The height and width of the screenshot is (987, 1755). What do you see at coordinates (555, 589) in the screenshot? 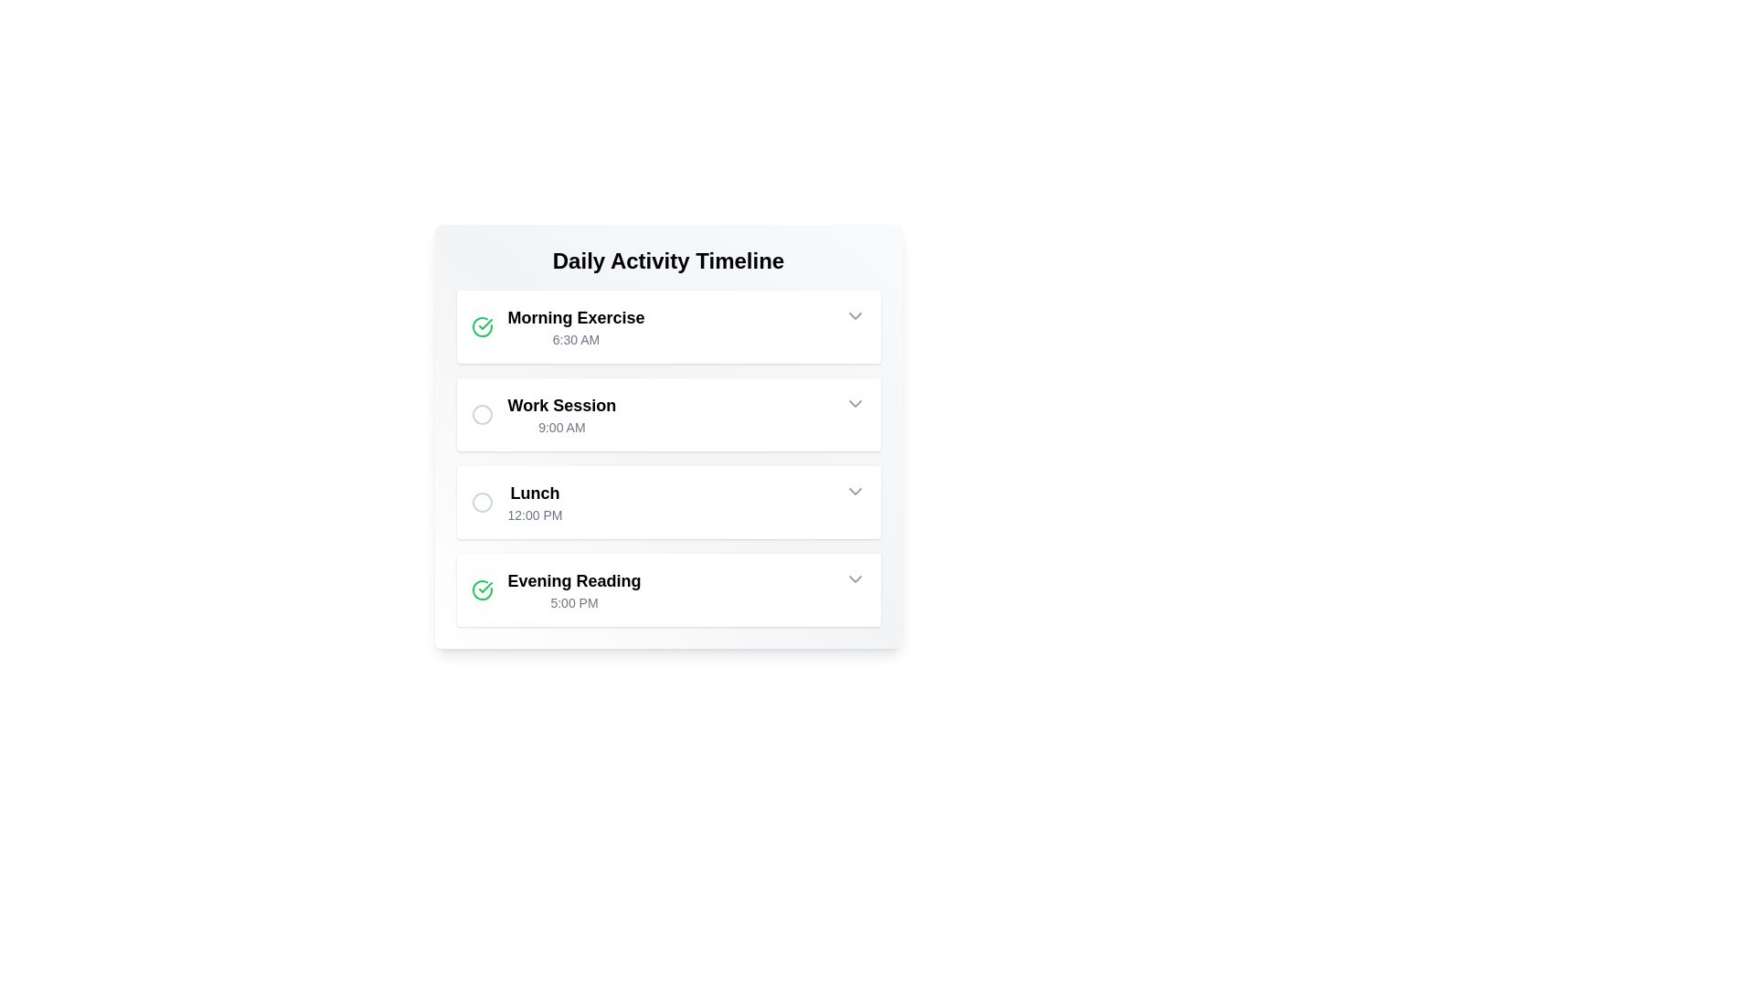
I see `the green circular icon with a check mark next to the bold text 'Evening Reading' to mark it or view details` at bounding box center [555, 589].